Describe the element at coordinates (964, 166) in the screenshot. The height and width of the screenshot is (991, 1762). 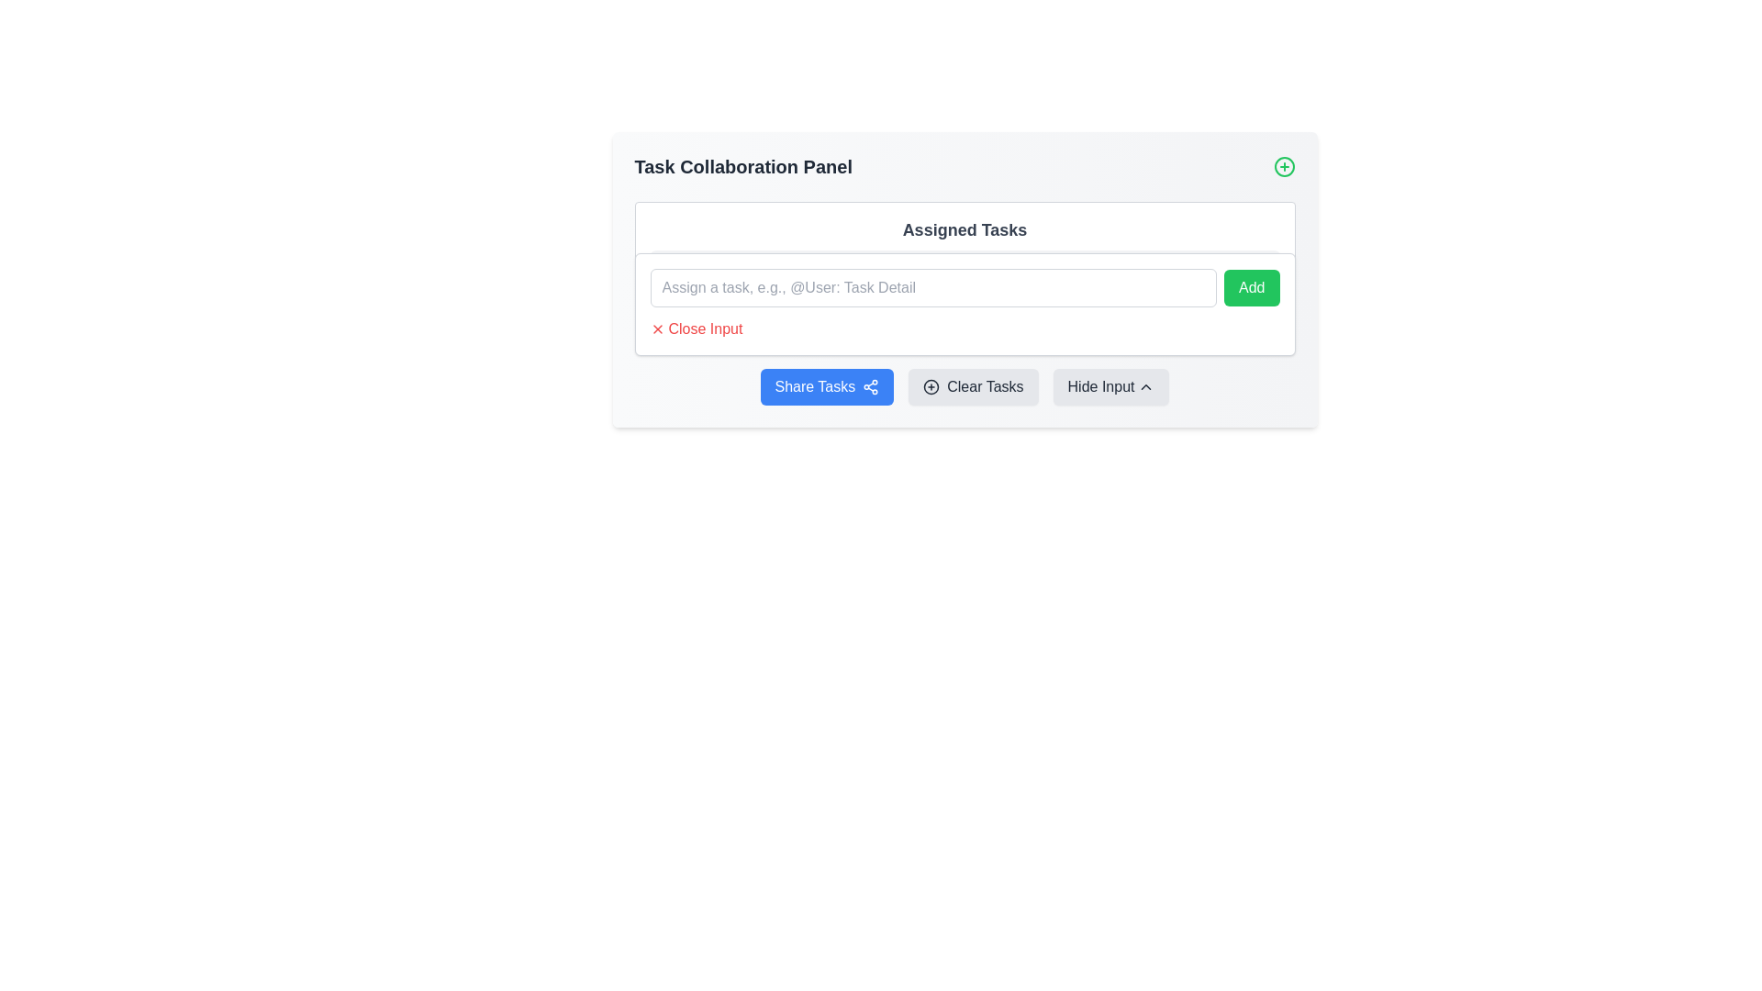
I see `the green circular action button with a plus sign next to the title 'Task Collaboration Panel'` at that location.